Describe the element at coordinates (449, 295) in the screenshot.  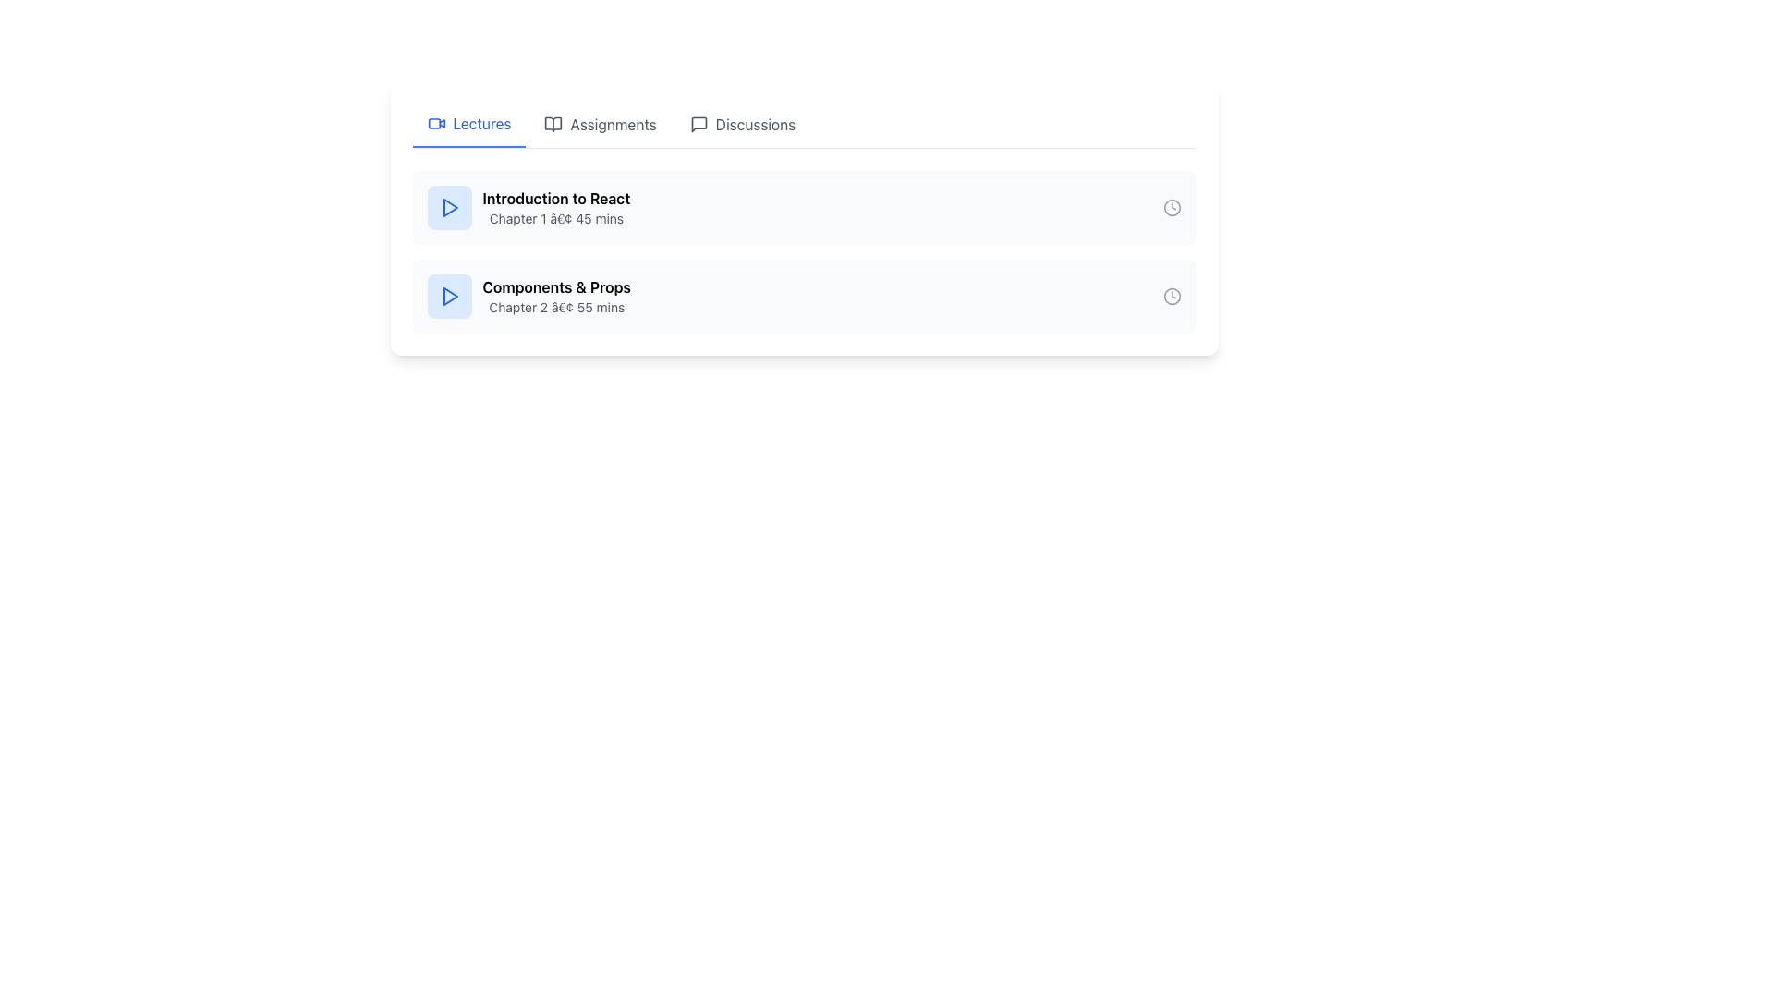
I see `the triangular play icon within the rounded blue background, located in the 'Components & Props' section of the Lectures tab, specifically the play button for the second lecture item` at that location.